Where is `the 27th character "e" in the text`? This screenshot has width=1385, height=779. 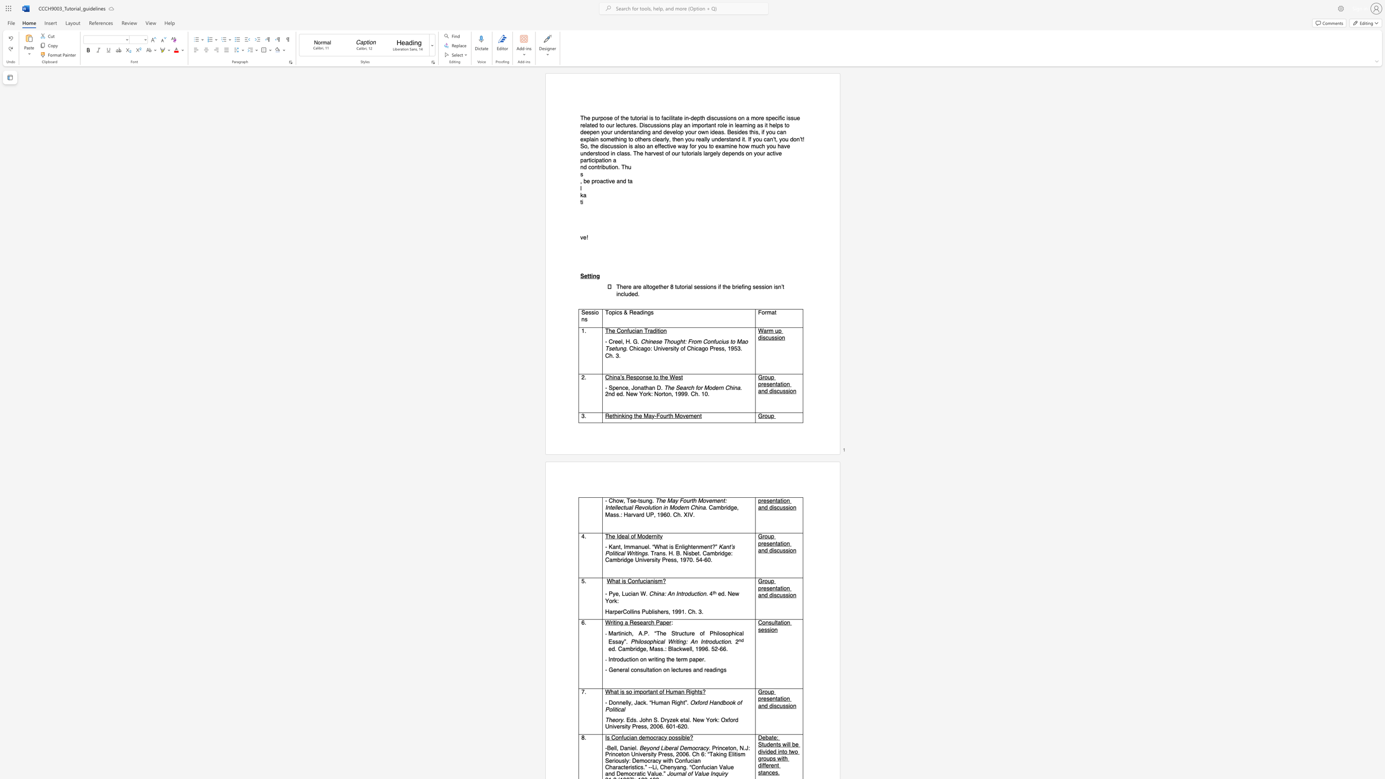 the 27th character "e" in the text is located at coordinates (644, 139).